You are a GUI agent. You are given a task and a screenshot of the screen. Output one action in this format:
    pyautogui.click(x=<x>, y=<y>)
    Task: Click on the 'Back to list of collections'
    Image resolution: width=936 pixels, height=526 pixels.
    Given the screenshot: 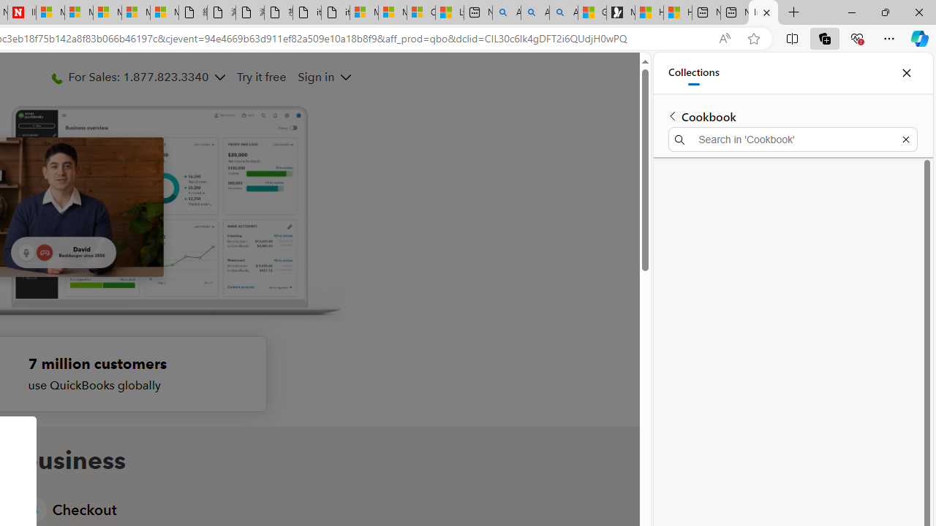 What is the action you would take?
    pyautogui.click(x=672, y=115)
    